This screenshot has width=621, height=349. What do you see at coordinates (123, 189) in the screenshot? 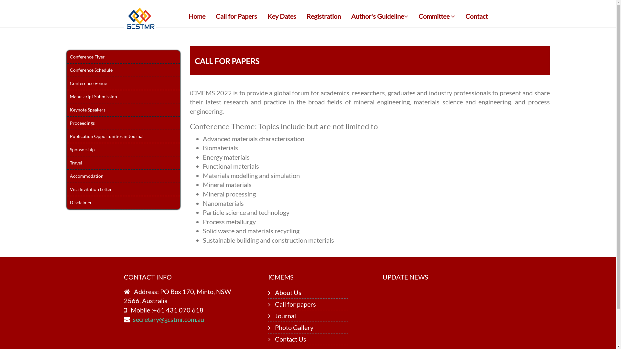
I see `'Visa Invitation Letter'` at bounding box center [123, 189].